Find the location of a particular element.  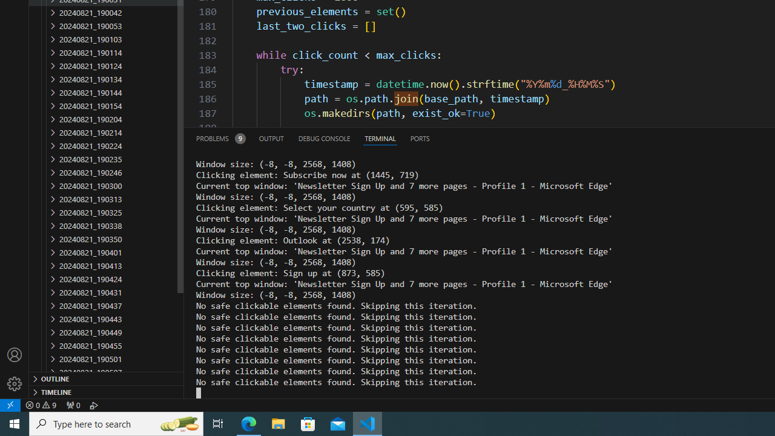

'Timeline Section' is located at coordinates (107, 391).